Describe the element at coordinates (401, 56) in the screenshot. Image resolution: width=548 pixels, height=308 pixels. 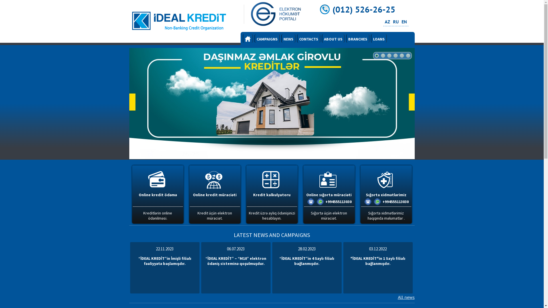
I see `'5'` at that location.